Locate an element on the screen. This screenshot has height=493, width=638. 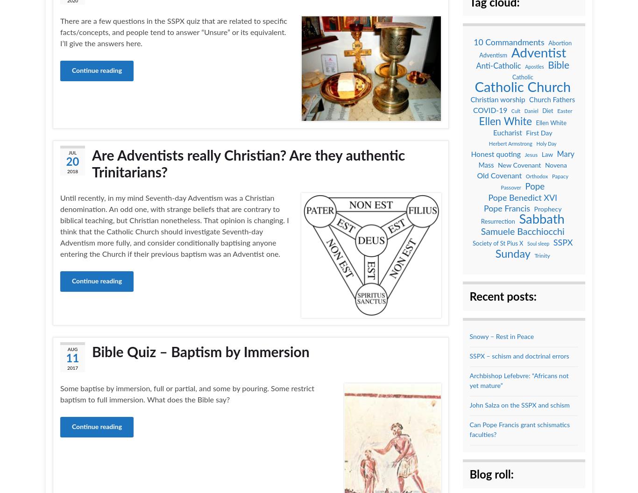
'Trinity' is located at coordinates (542, 255).